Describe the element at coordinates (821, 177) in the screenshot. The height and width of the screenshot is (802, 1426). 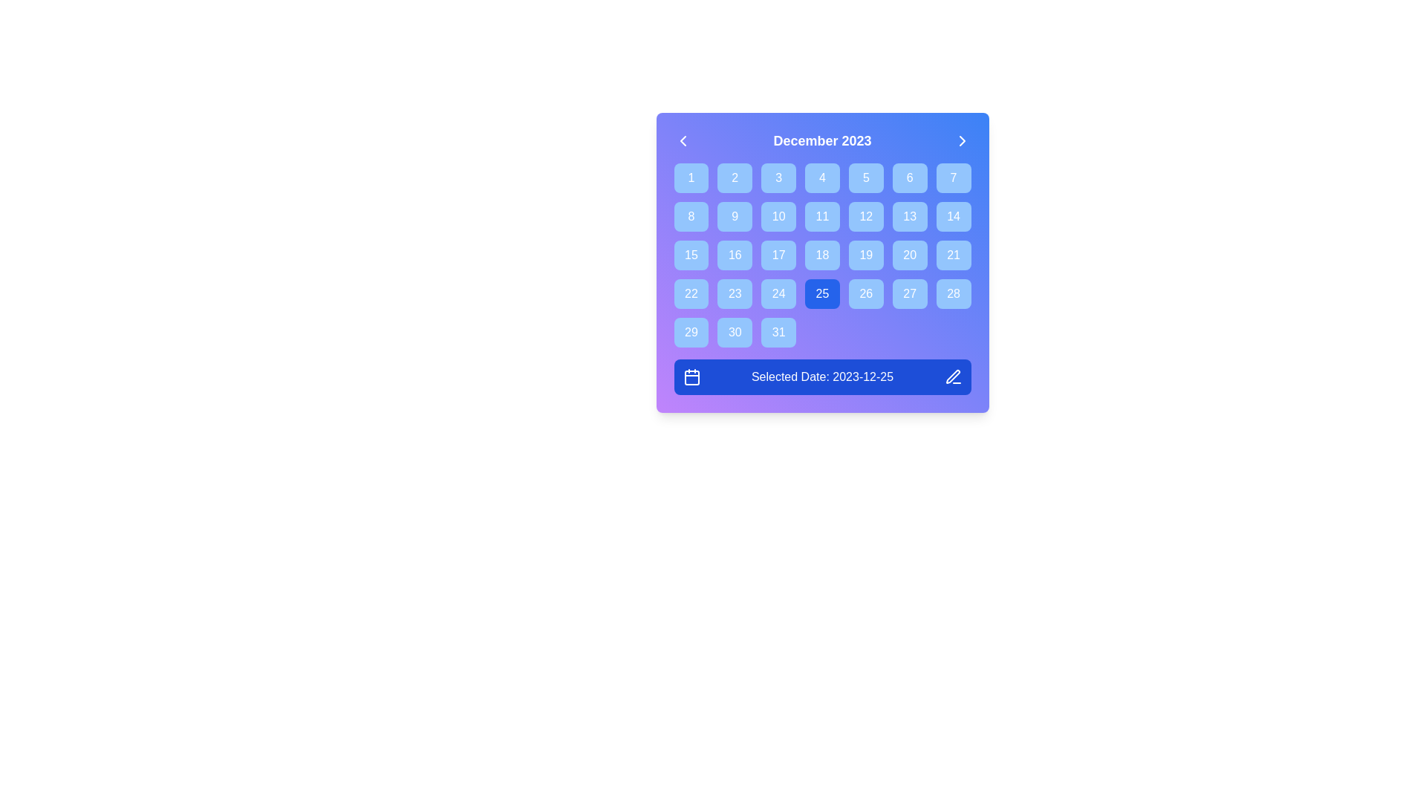
I see `the button labeled '4' in the calendar grid to observe its hover effect` at that location.